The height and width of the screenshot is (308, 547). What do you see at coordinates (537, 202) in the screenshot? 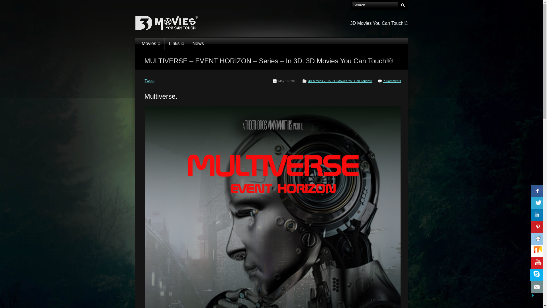
I see `'Share On Twitter'` at bounding box center [537, 202].